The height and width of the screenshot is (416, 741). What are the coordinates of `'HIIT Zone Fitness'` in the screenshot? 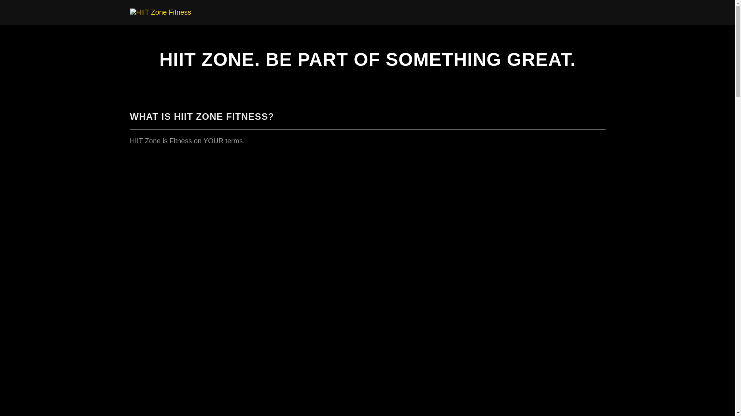 It's located at (160, 12).